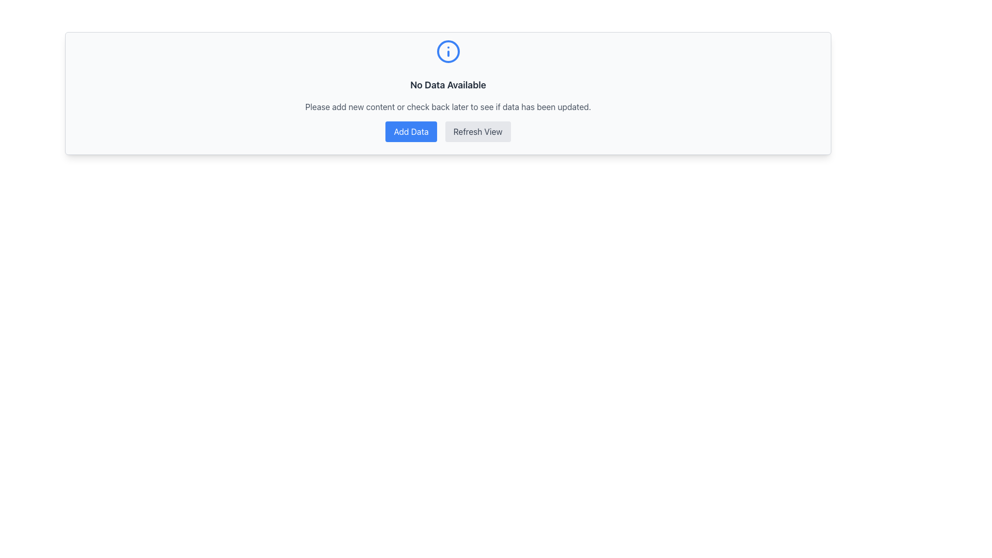 The height and width of the screenshot is (558, 992). Describe the element at coordinates (448, 107) in the screenshot. I see `the second text block that informs the user to add new data or revisit later for updates, located beneath the 'No Data Available' title and above the 'Add Data' and 'Refresh View' buttons` at that location.